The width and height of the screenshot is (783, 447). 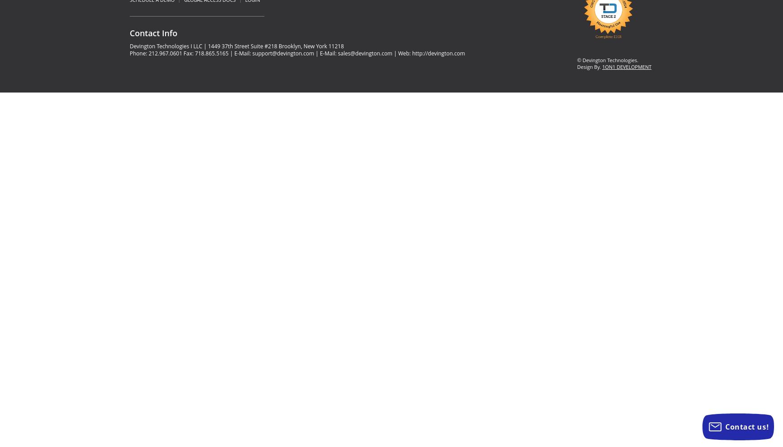 What do you see at coordinates (438, 52) in the screenshot?
I see `'http://devington.com'` at bounding box center [438, 52].